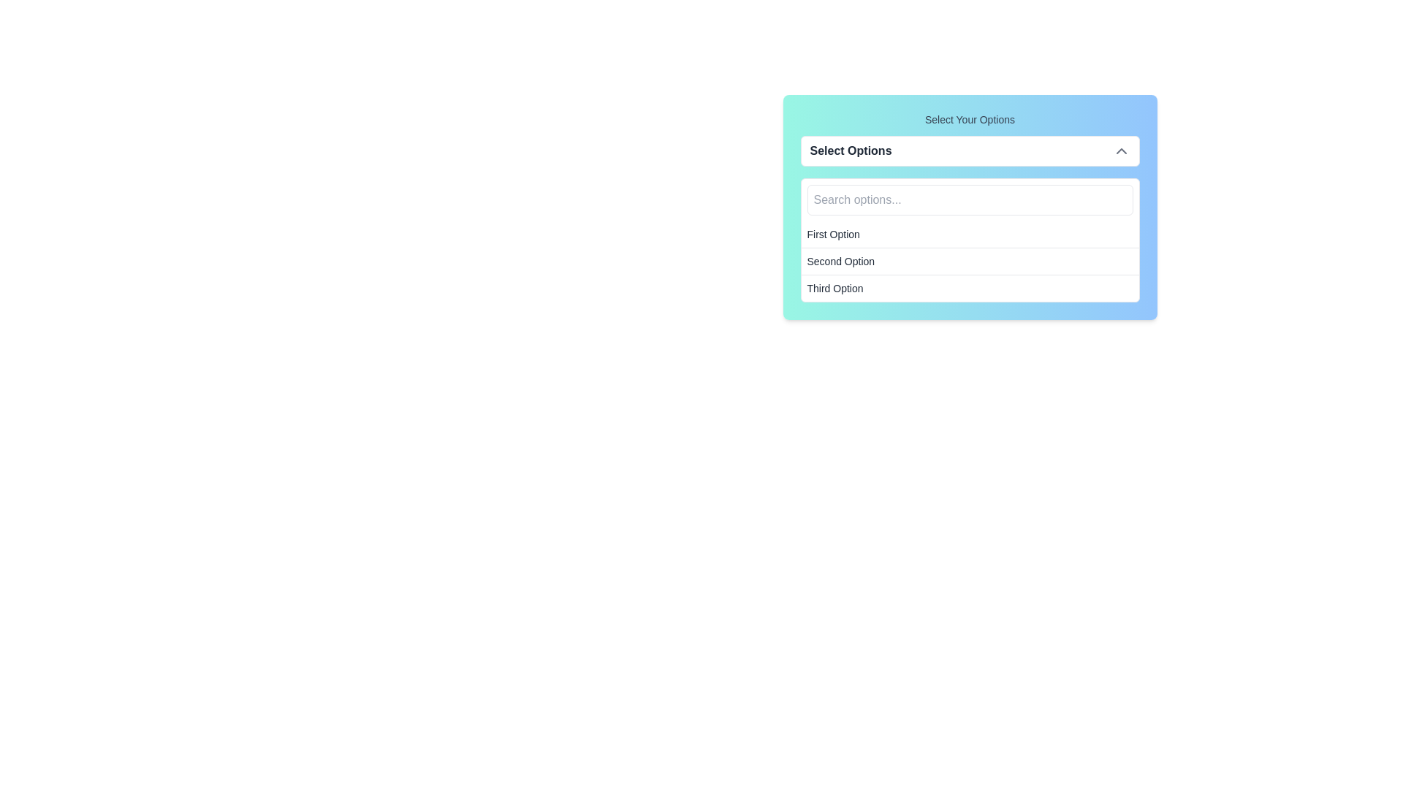  I want to click on the text label identifying the third selectable option in the dropdown menu, so click(834, 288).